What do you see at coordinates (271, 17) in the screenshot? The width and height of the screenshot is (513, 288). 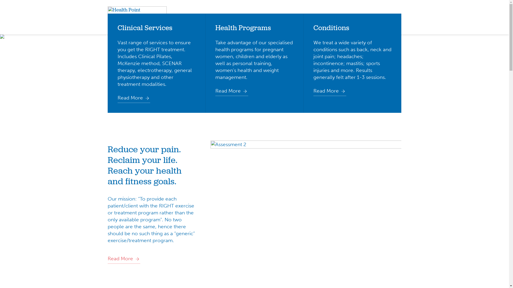 I see `'Conditions'` at bounding box center [271, 17].